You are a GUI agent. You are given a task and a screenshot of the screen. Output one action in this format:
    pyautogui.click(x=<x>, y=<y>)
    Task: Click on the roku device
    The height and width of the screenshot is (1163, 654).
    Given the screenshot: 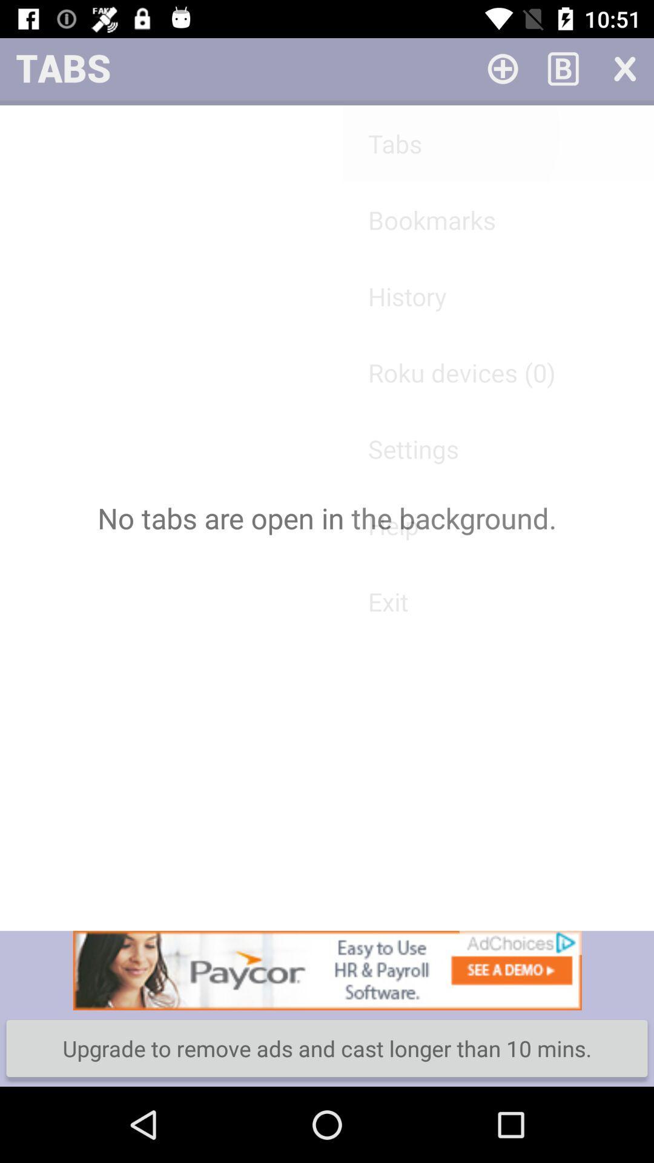 What is the action you would take?
    pyautogui.click(x=503, y=67)
    